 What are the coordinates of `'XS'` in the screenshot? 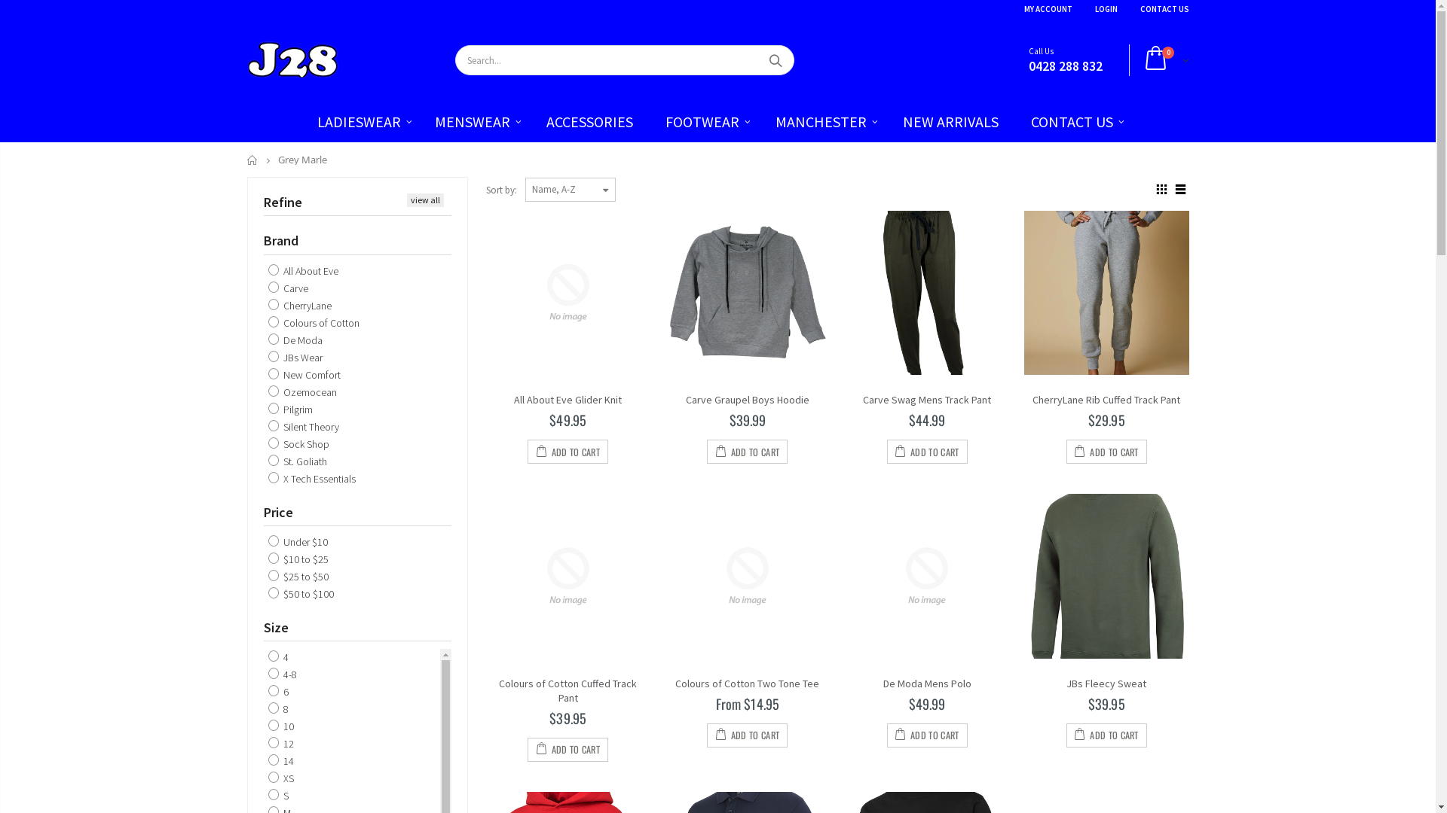 It's located at (281, 778).